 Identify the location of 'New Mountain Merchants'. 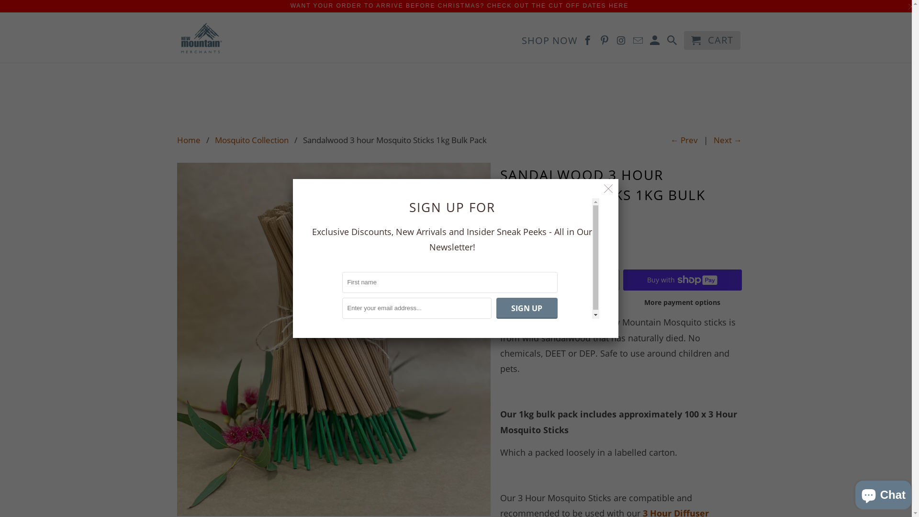
(177, 37).